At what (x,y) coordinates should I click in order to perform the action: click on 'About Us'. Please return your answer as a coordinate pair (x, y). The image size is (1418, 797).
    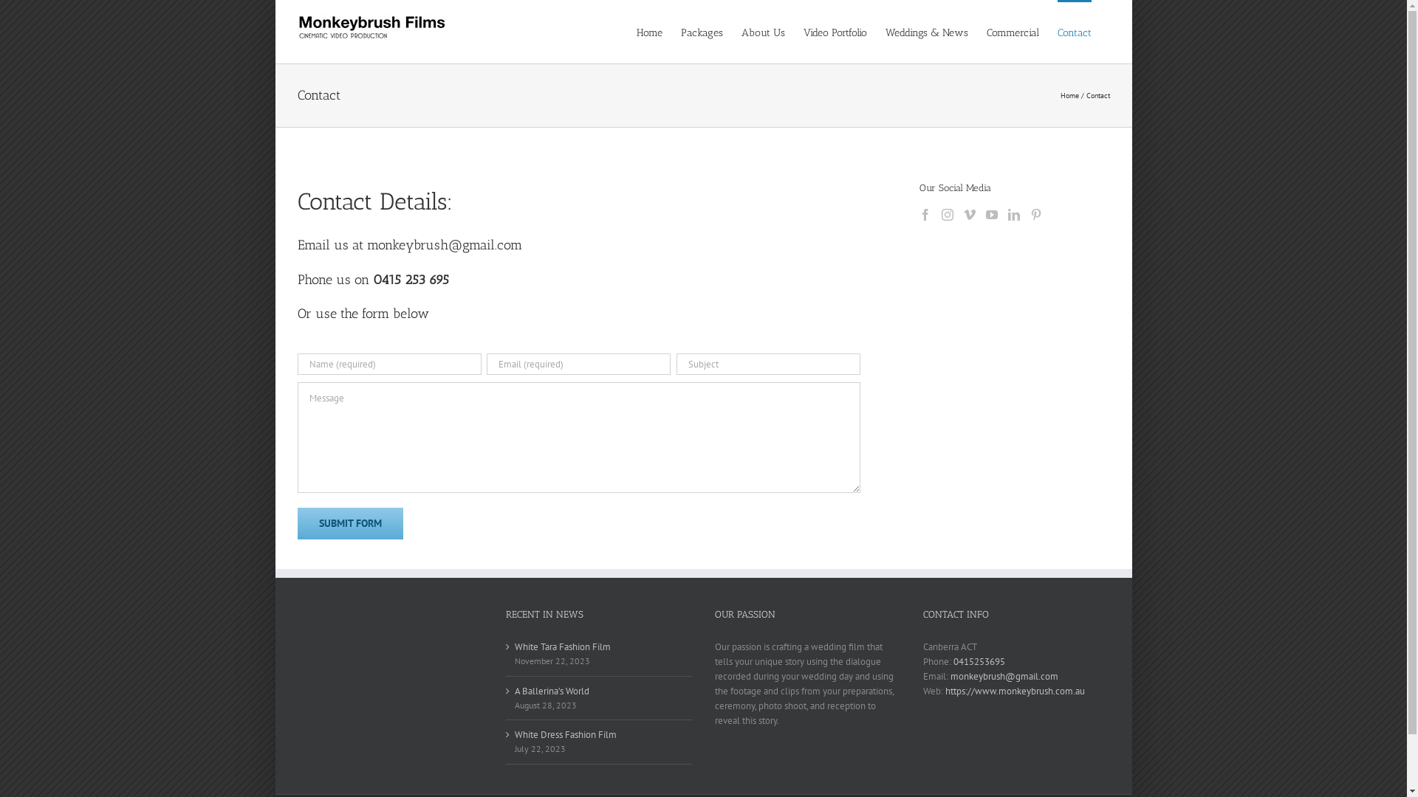
    Looking at the image, I should click on (763, 31).